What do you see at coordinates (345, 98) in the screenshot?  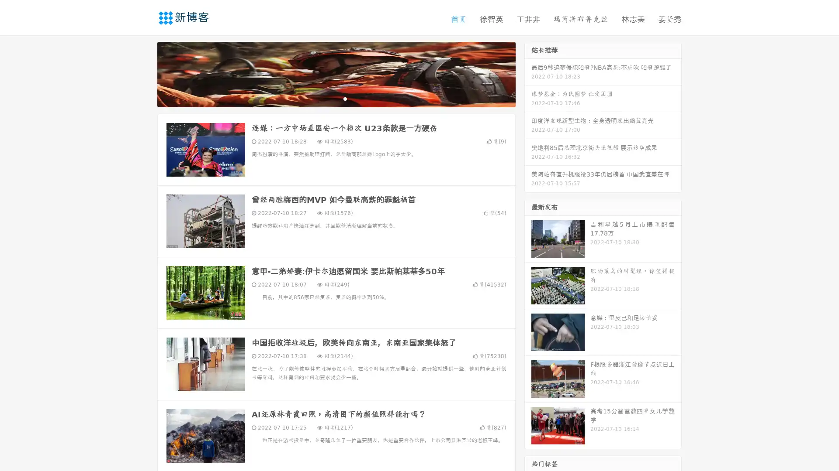 I see `Go to slide 3` at bounding box center [345, 98].